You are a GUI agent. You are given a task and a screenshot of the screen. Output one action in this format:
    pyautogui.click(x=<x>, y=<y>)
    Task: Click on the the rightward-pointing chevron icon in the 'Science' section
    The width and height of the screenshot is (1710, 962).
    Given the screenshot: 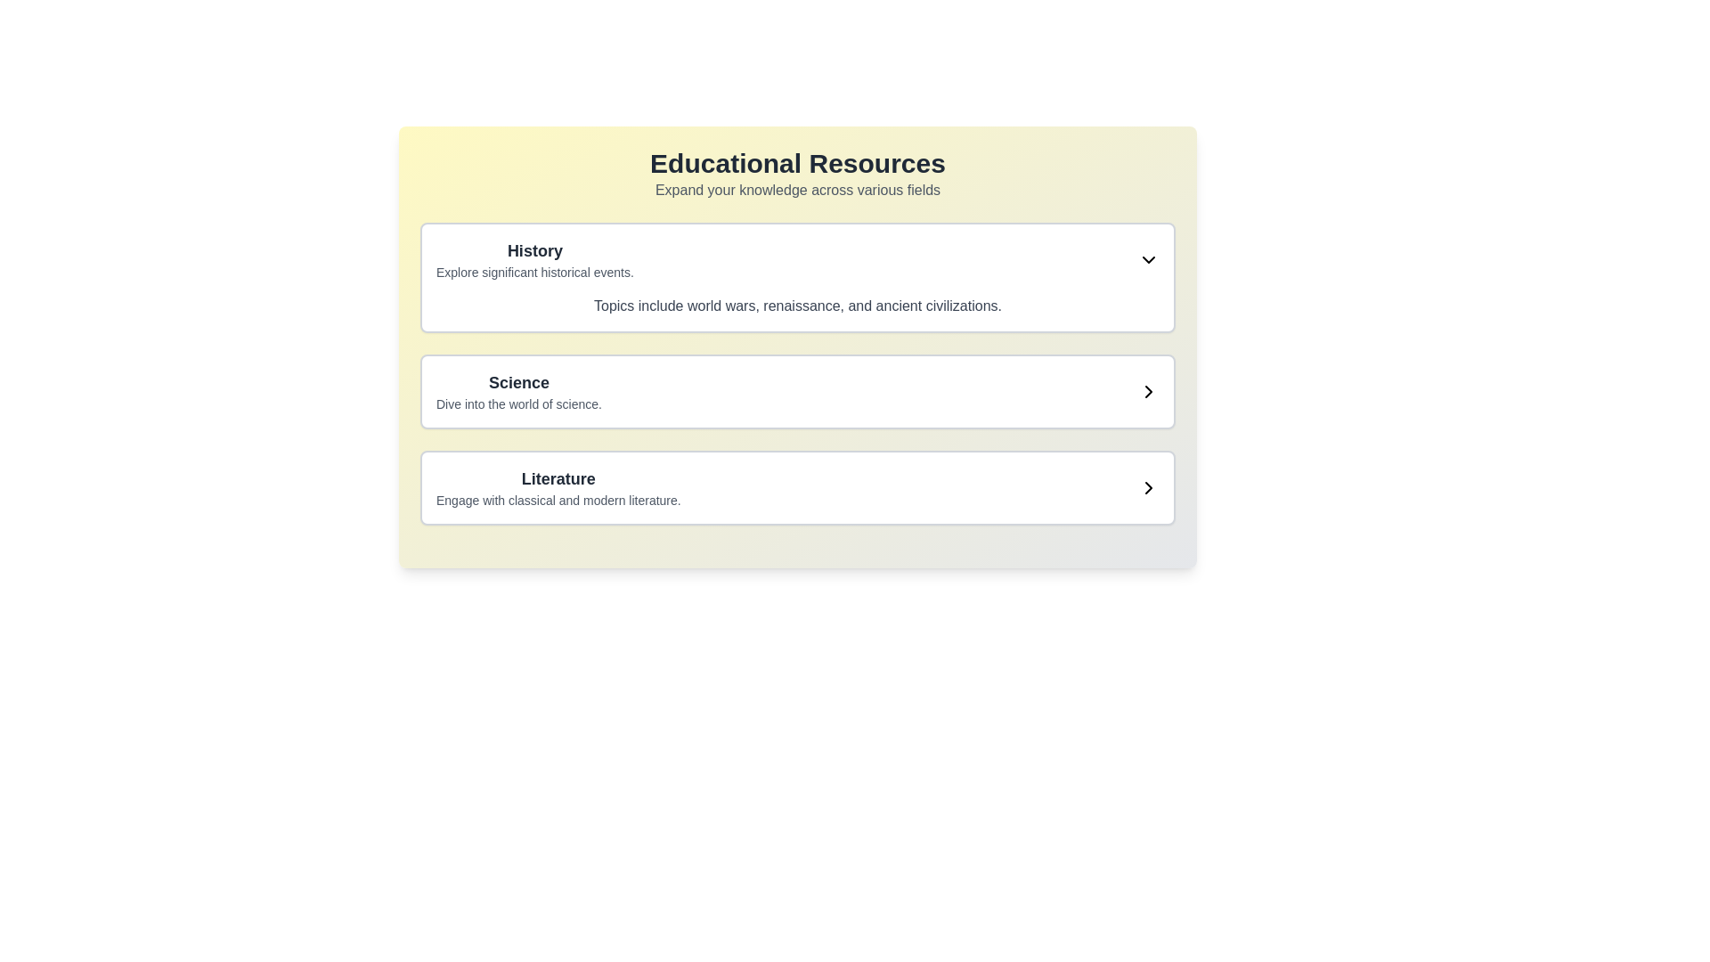 What is the action you would take?
    pyautogui.click(x=1149, y=390)
    